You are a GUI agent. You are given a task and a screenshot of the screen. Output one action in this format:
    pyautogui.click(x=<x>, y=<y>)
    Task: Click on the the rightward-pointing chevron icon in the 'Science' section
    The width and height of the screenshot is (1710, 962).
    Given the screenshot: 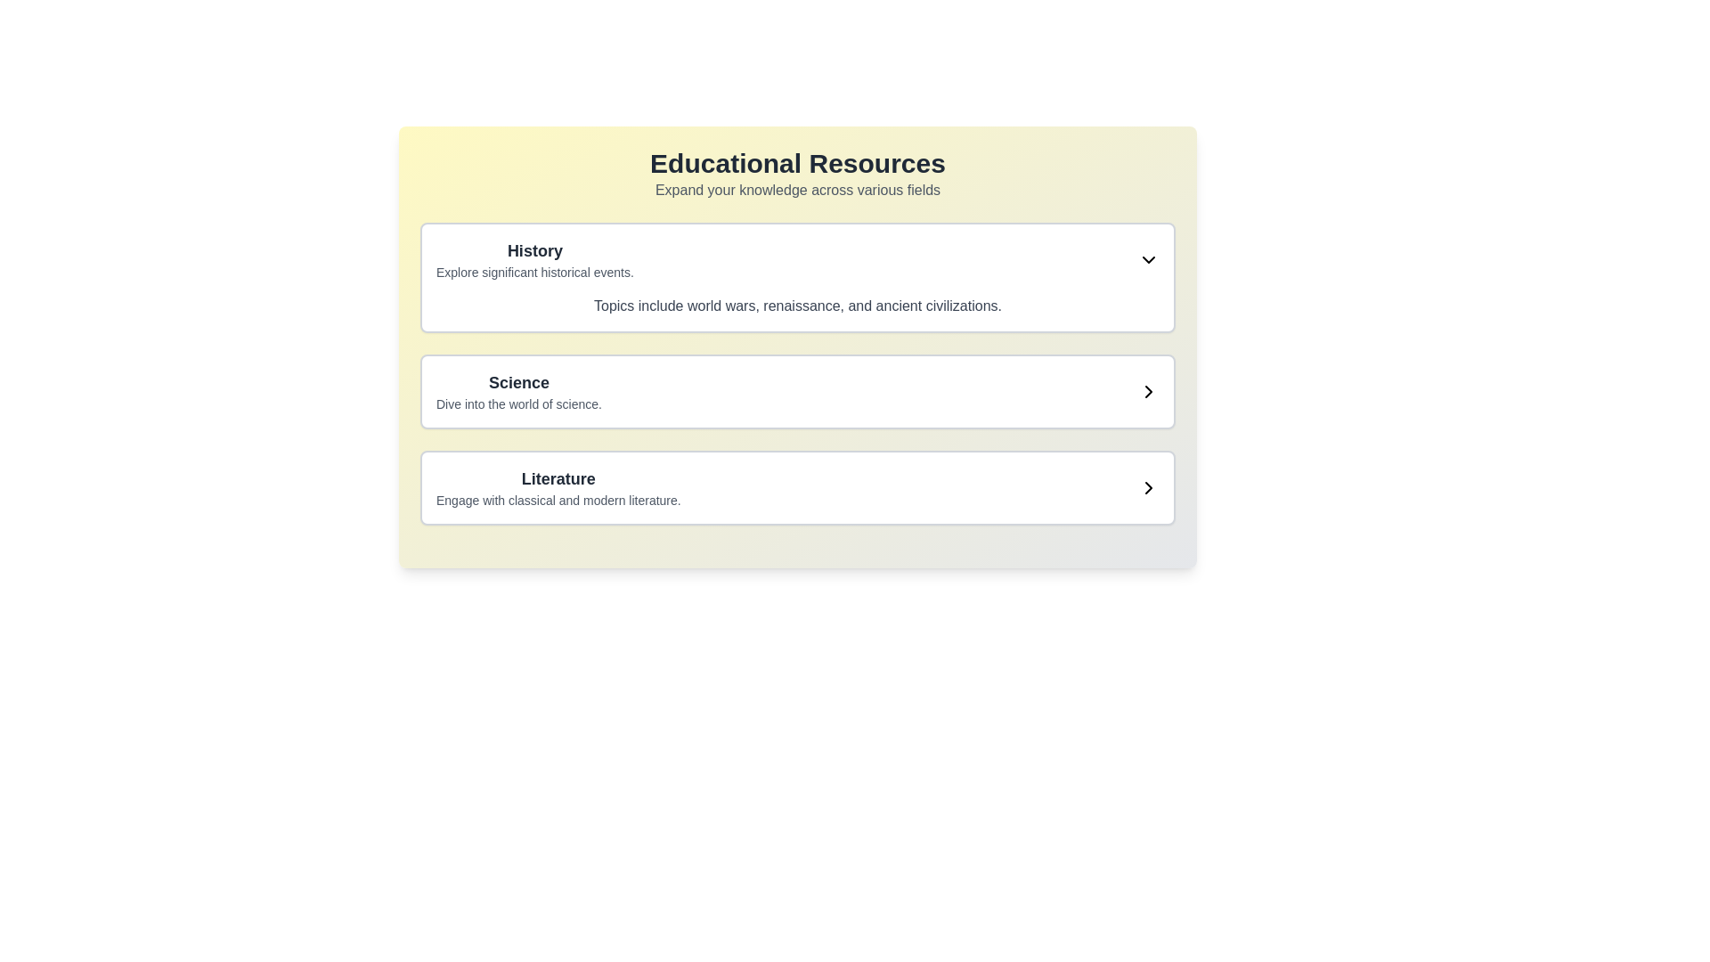 What is the action you would take?
    pyautogui.click(x=1149, y=390)
    